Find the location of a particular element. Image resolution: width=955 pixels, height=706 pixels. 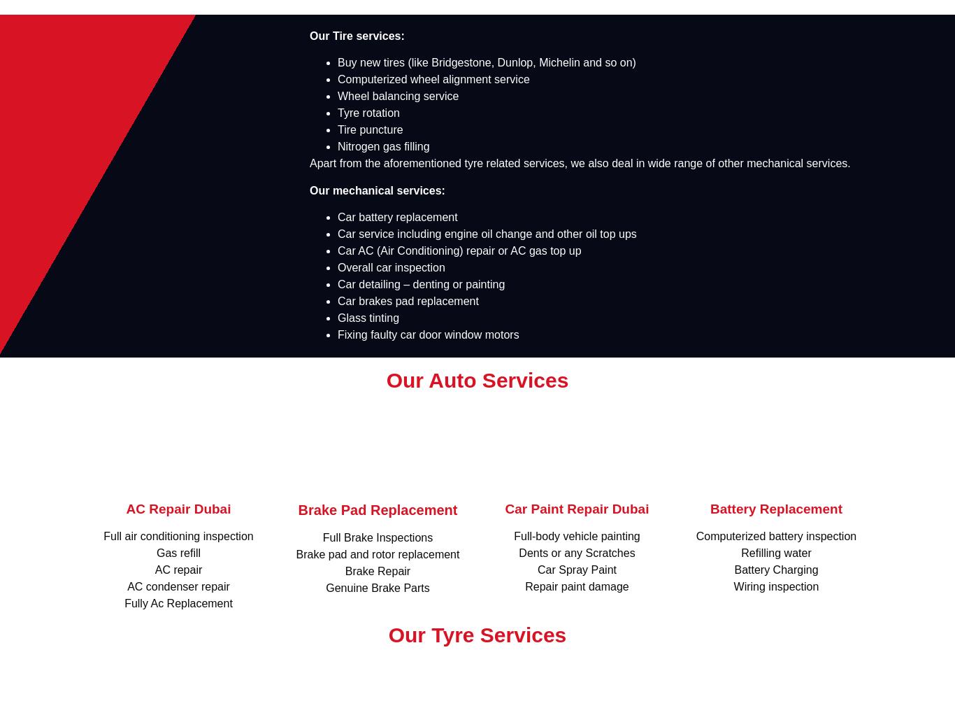

'Refilling water' is located at coordinates (775, 553).